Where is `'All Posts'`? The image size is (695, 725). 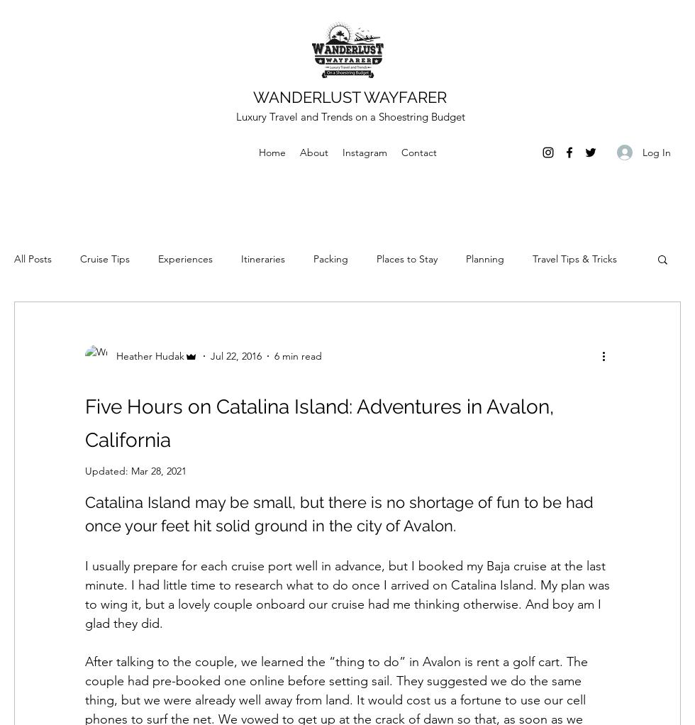 'All Posts' is located at coordinates (33, 258).